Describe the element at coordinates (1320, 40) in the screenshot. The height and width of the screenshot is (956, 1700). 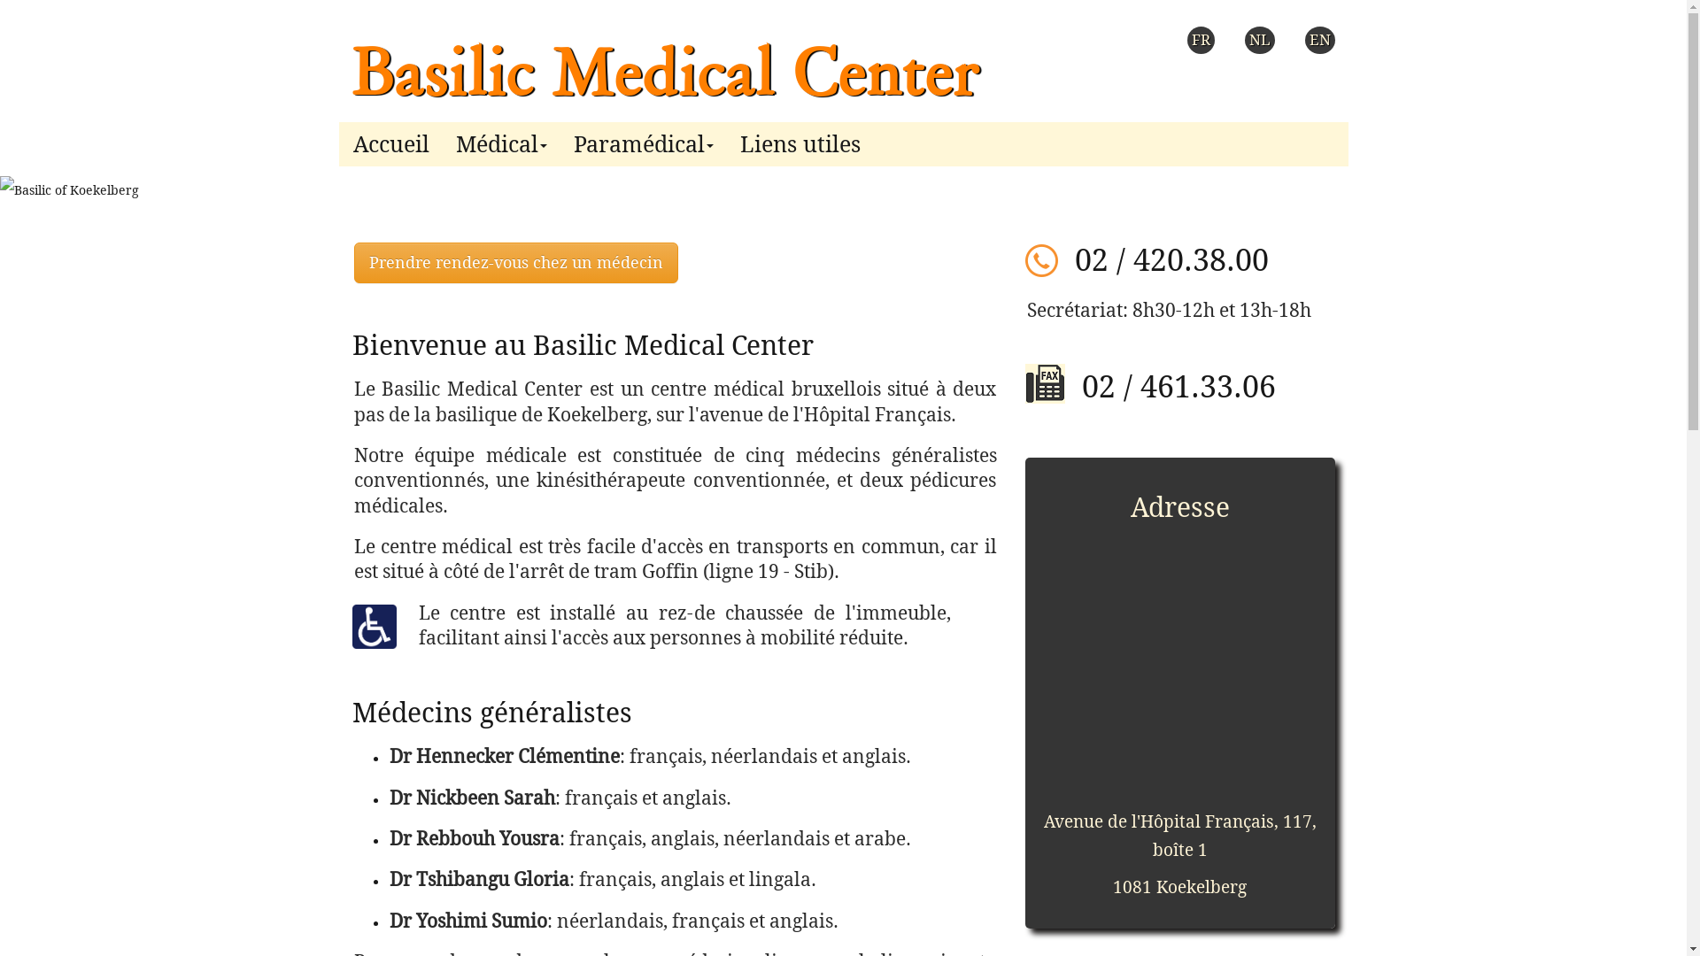
I see `'EN'` at that location.